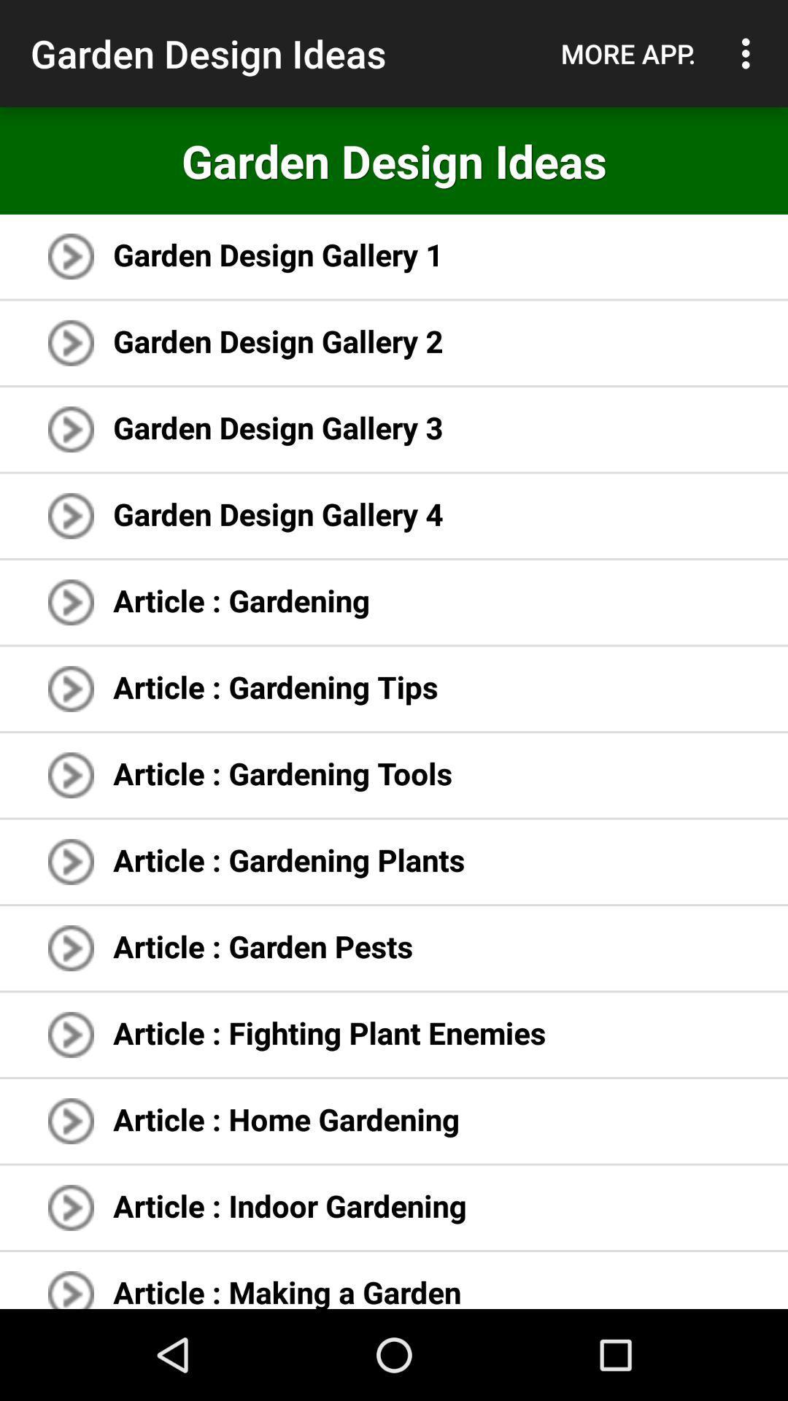  I want to click on the icon next to garden design ideas, so click(627, 53).